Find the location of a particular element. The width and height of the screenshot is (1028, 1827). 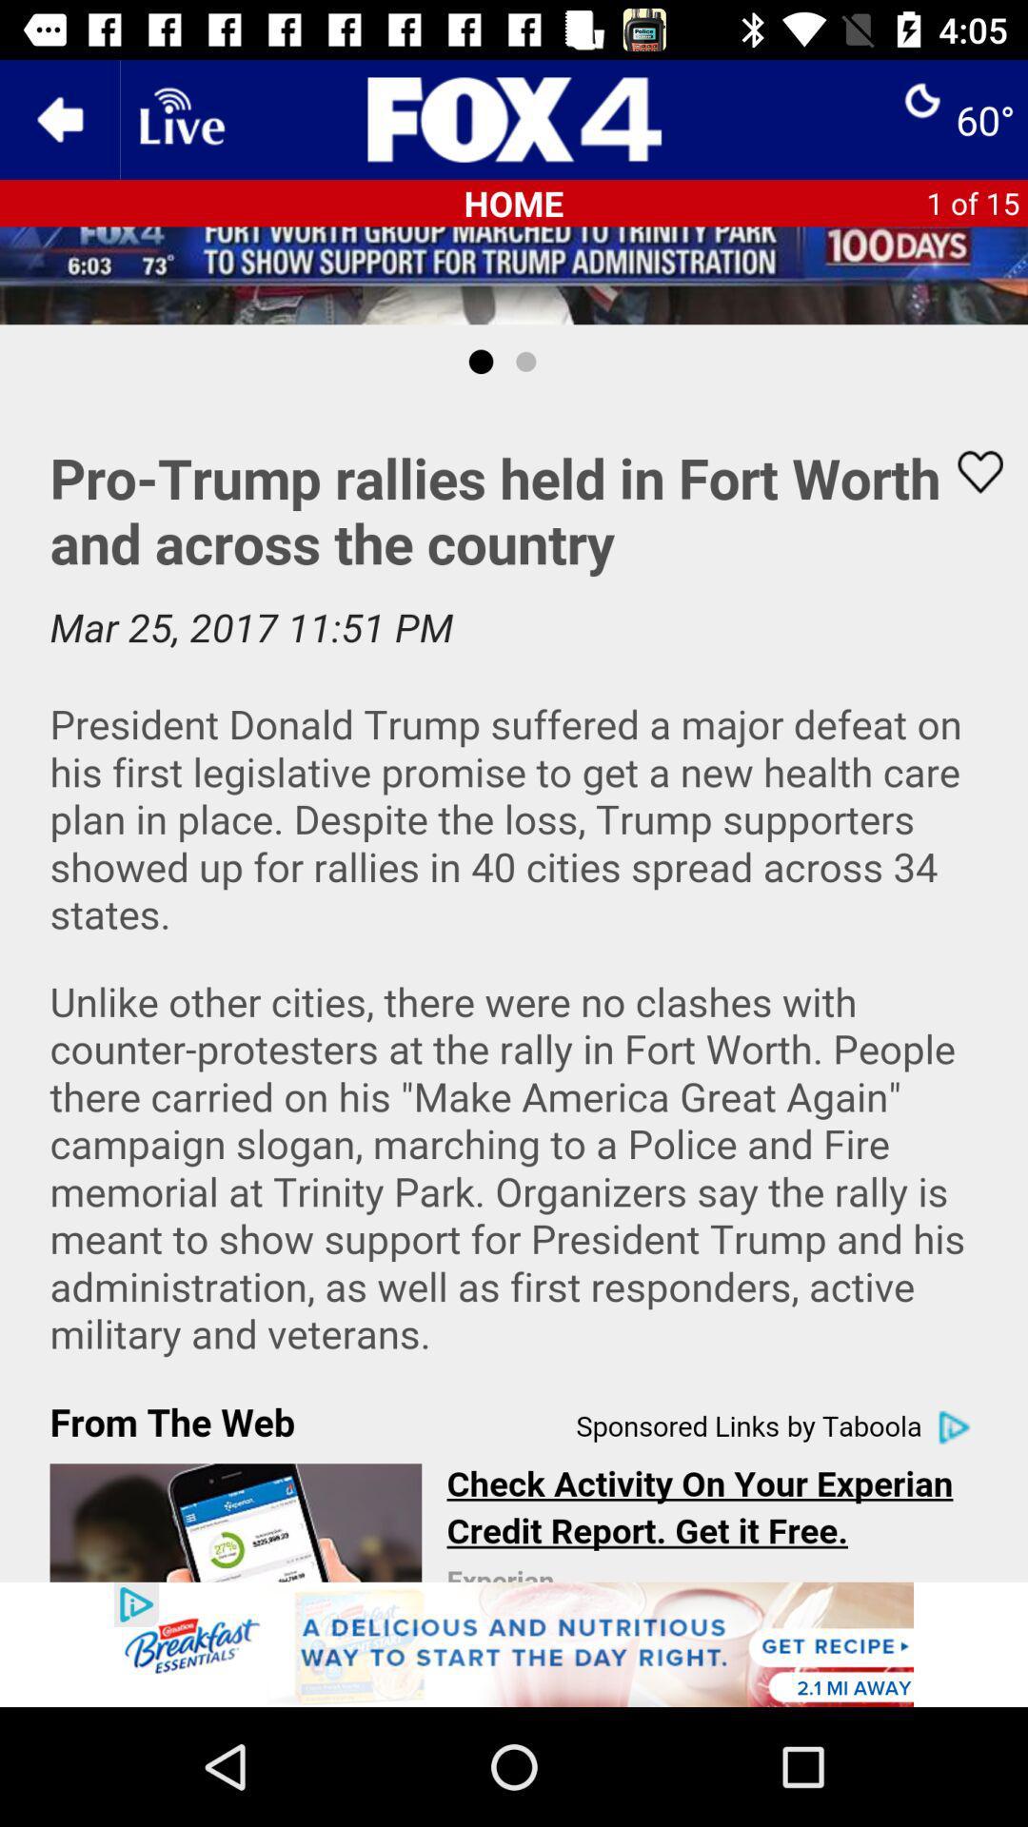

alive is located at coordinates (180, 118).